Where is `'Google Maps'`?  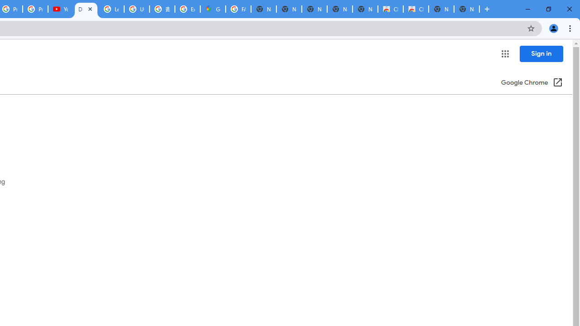 'Google Maps' is located at coordinates (212, 9).